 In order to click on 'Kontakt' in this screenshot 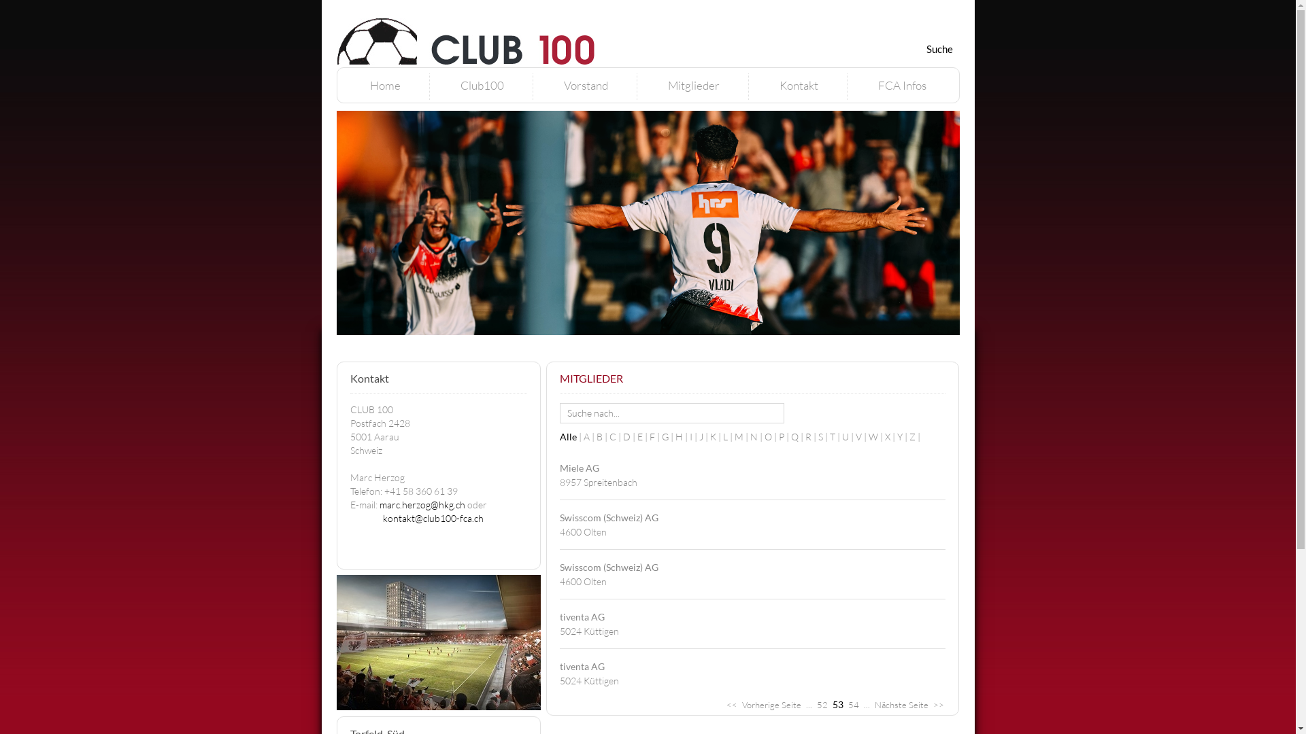, I will do `click(780, 85)`.